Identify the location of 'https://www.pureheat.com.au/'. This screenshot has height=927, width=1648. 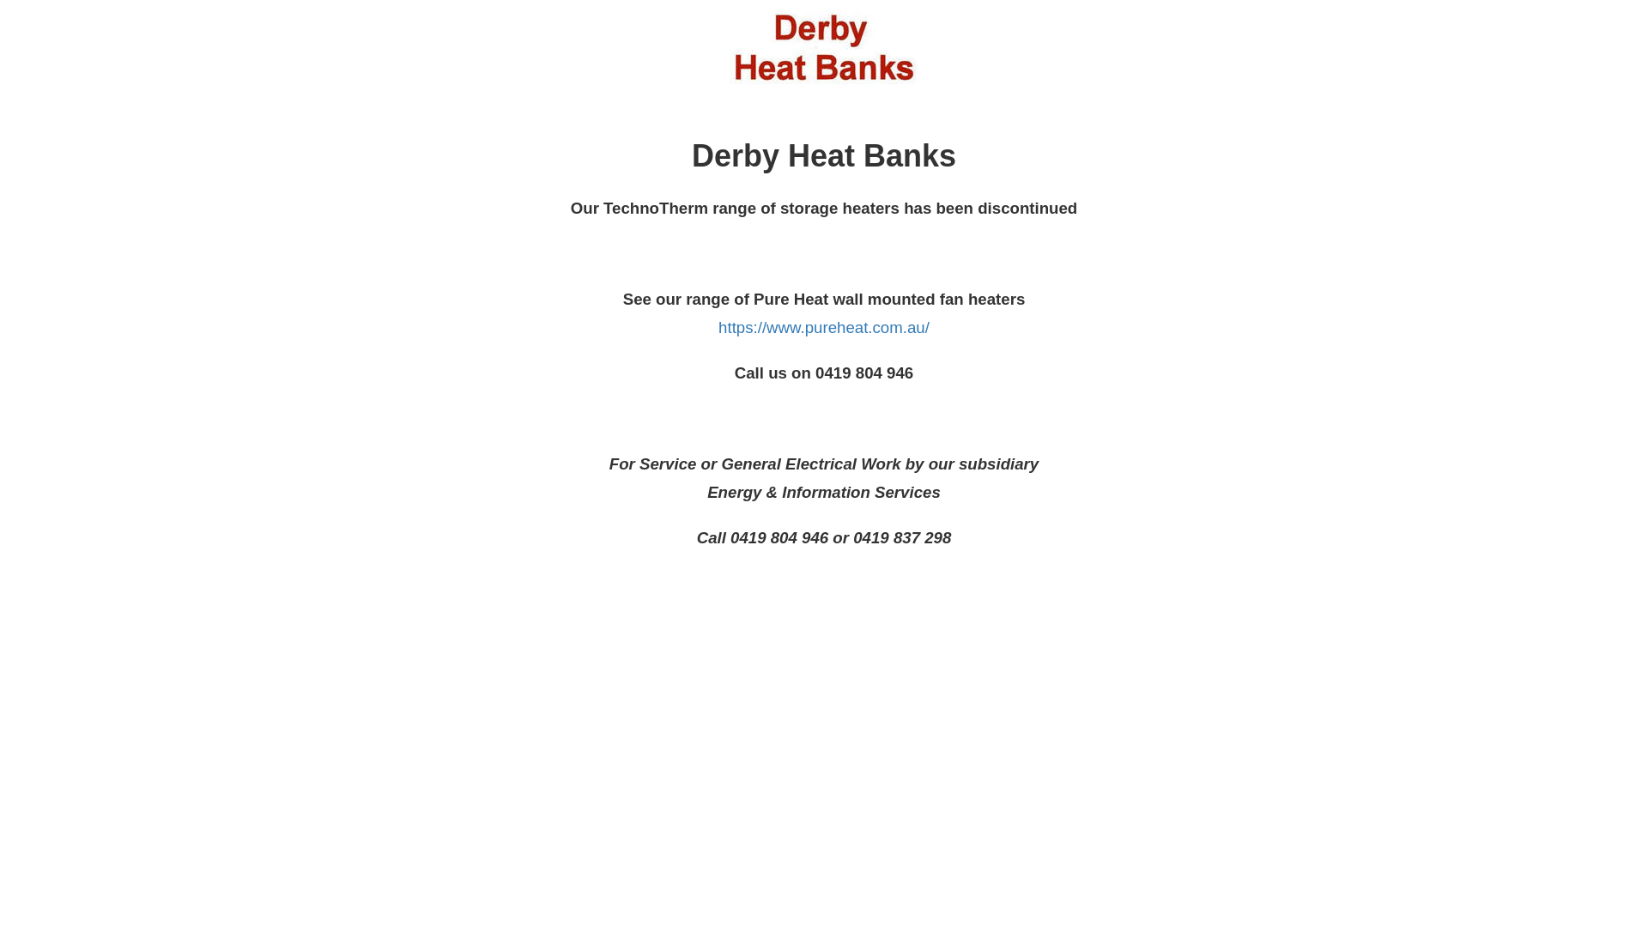
(718, 327).